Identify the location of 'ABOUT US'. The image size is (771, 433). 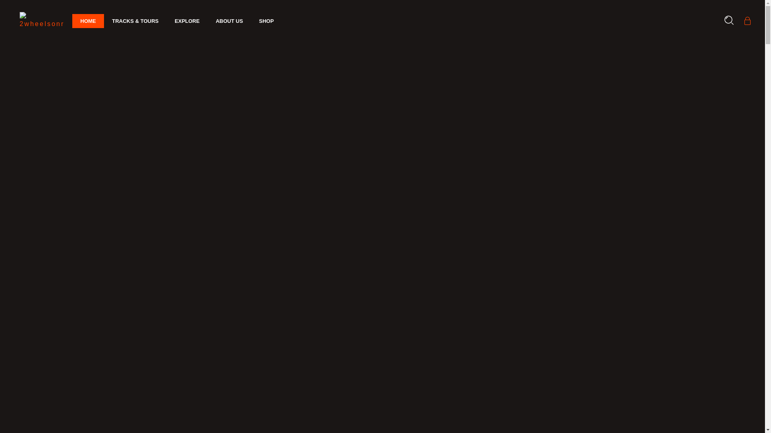
(229, 21).